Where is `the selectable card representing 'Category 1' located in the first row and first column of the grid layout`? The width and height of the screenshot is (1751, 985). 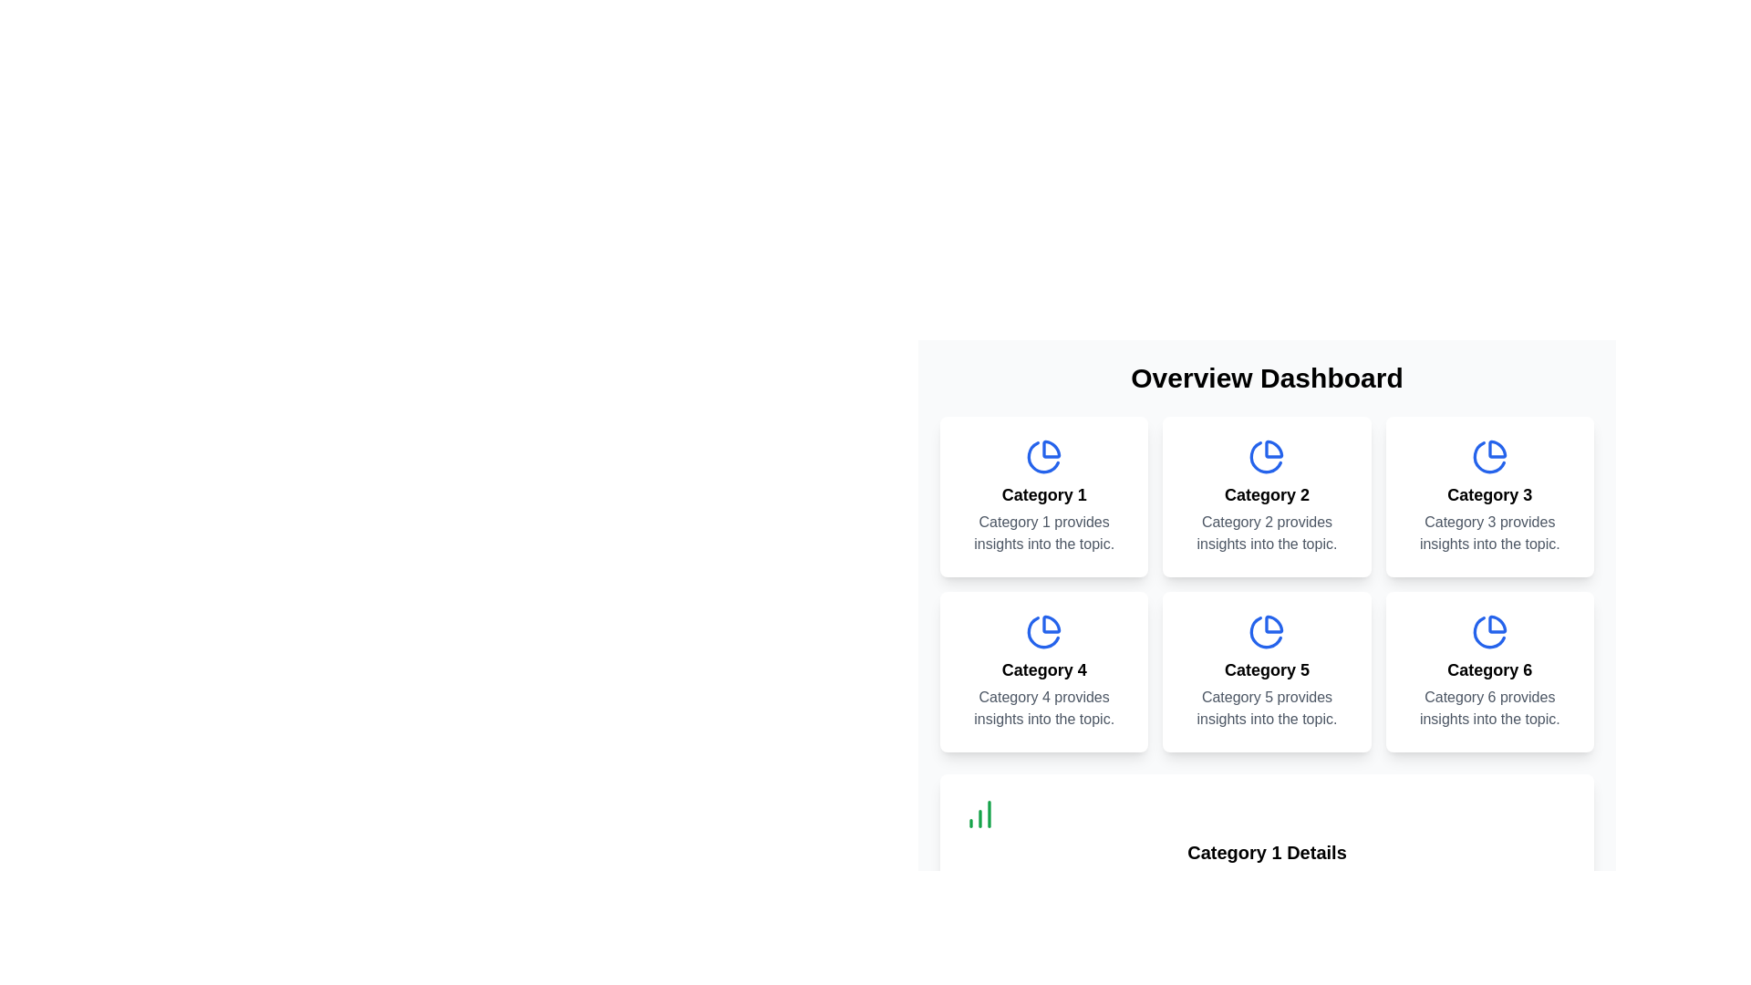 the selectable card representing 'Category 1' located in the first row and first column of the grid layout is located at coordinates (1044, 496).